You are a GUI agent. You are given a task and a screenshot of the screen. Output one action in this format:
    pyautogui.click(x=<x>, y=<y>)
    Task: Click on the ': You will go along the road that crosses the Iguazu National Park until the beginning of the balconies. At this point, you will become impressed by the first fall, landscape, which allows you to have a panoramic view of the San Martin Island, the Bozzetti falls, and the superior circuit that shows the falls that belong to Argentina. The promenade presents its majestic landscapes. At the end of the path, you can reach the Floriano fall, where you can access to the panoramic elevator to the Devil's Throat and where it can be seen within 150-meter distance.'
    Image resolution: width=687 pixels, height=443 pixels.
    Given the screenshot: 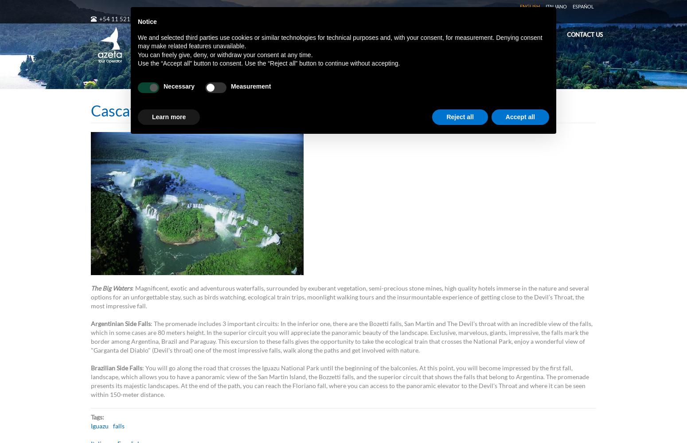 What is the action you would take?
    pyautogui.click(x=90, y=381)
    